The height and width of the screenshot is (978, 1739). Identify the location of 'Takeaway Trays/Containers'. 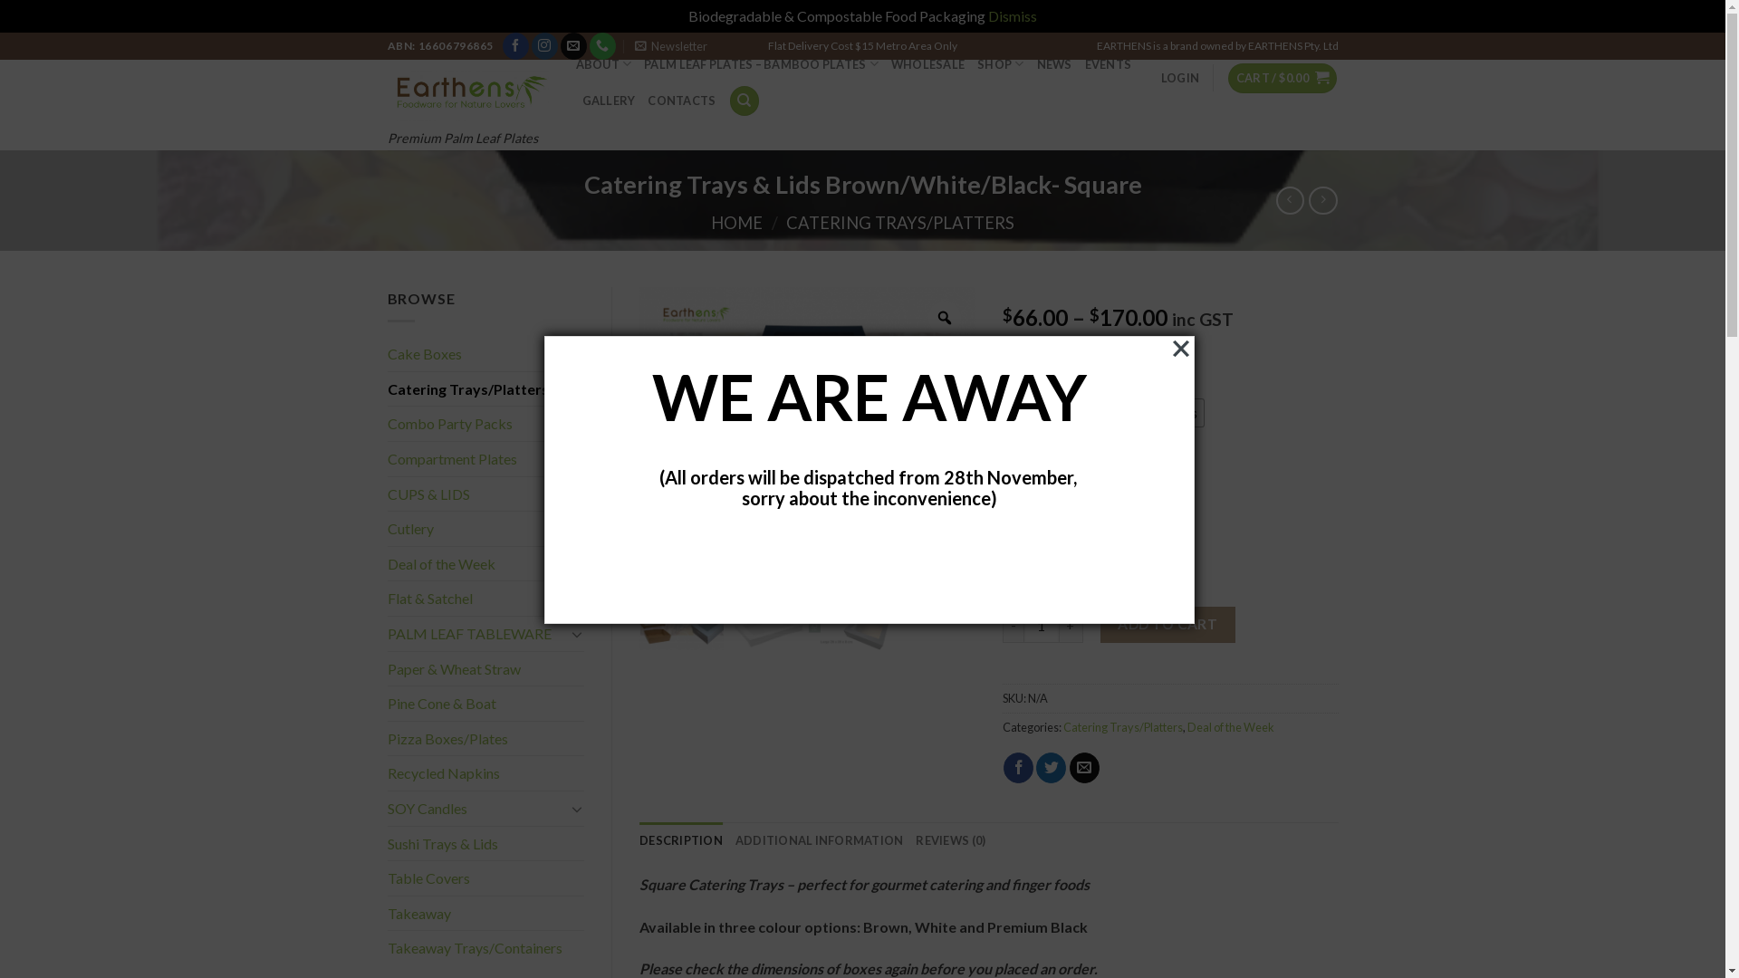
(486, 946).